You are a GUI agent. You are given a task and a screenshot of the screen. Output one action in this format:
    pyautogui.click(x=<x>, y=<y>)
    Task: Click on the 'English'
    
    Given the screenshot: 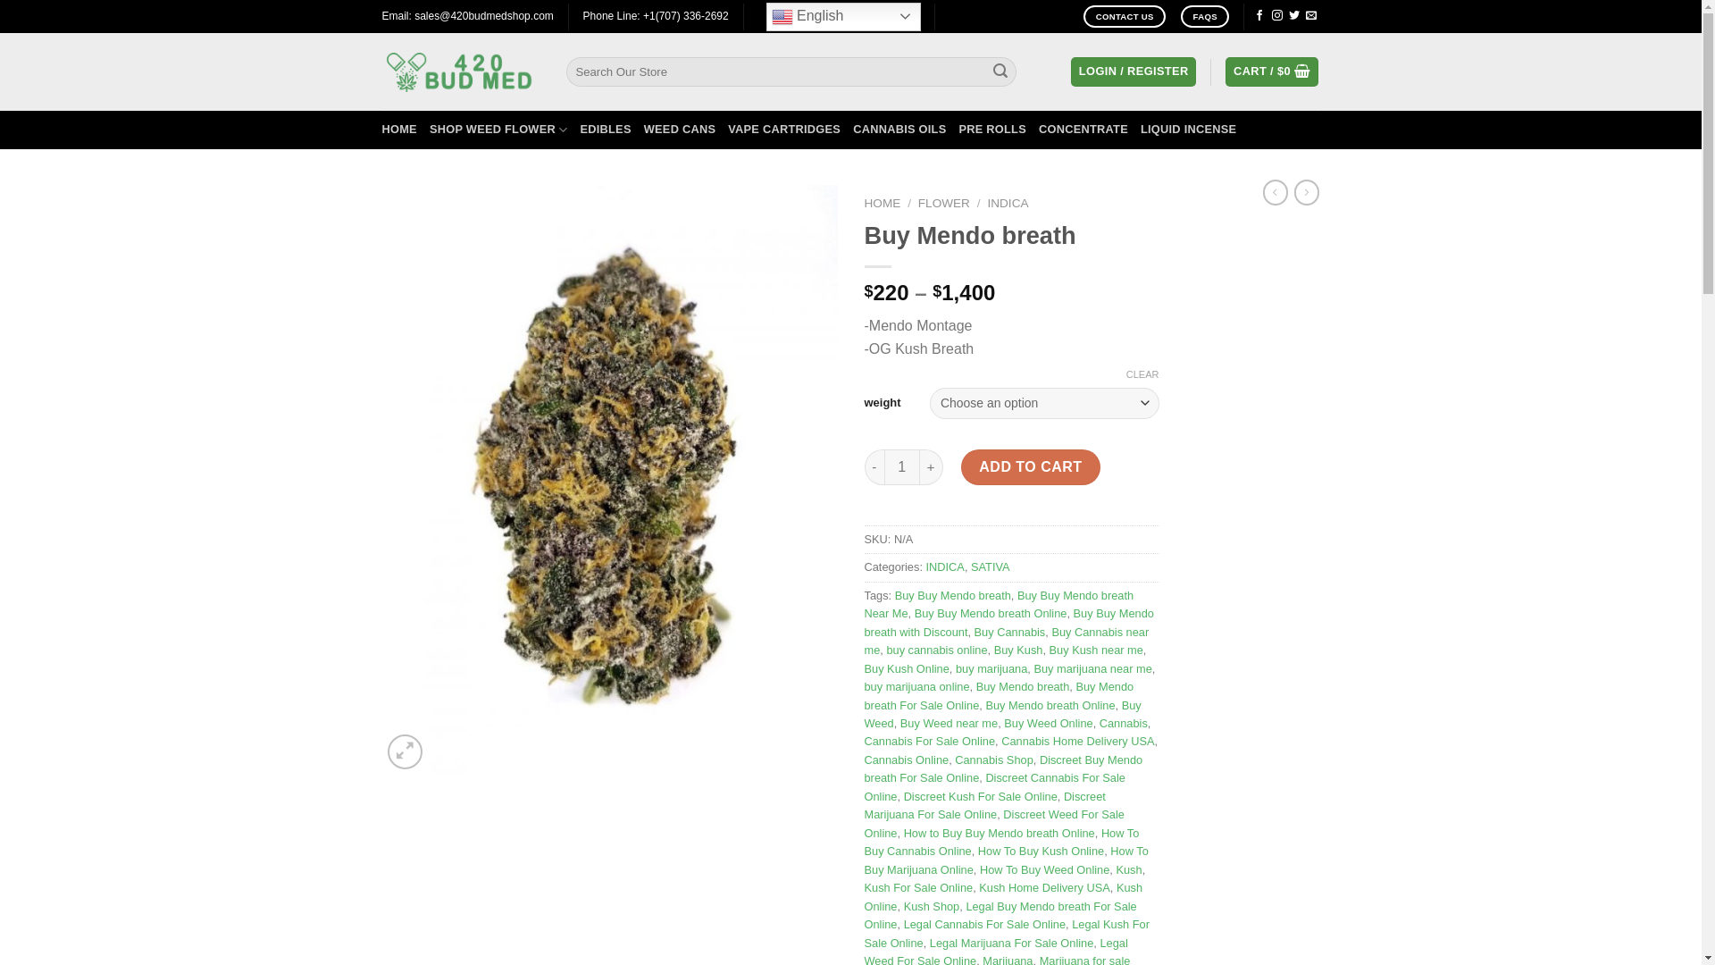 What is the action you would take?
    pyautogui.click(x=842, y=16)
    